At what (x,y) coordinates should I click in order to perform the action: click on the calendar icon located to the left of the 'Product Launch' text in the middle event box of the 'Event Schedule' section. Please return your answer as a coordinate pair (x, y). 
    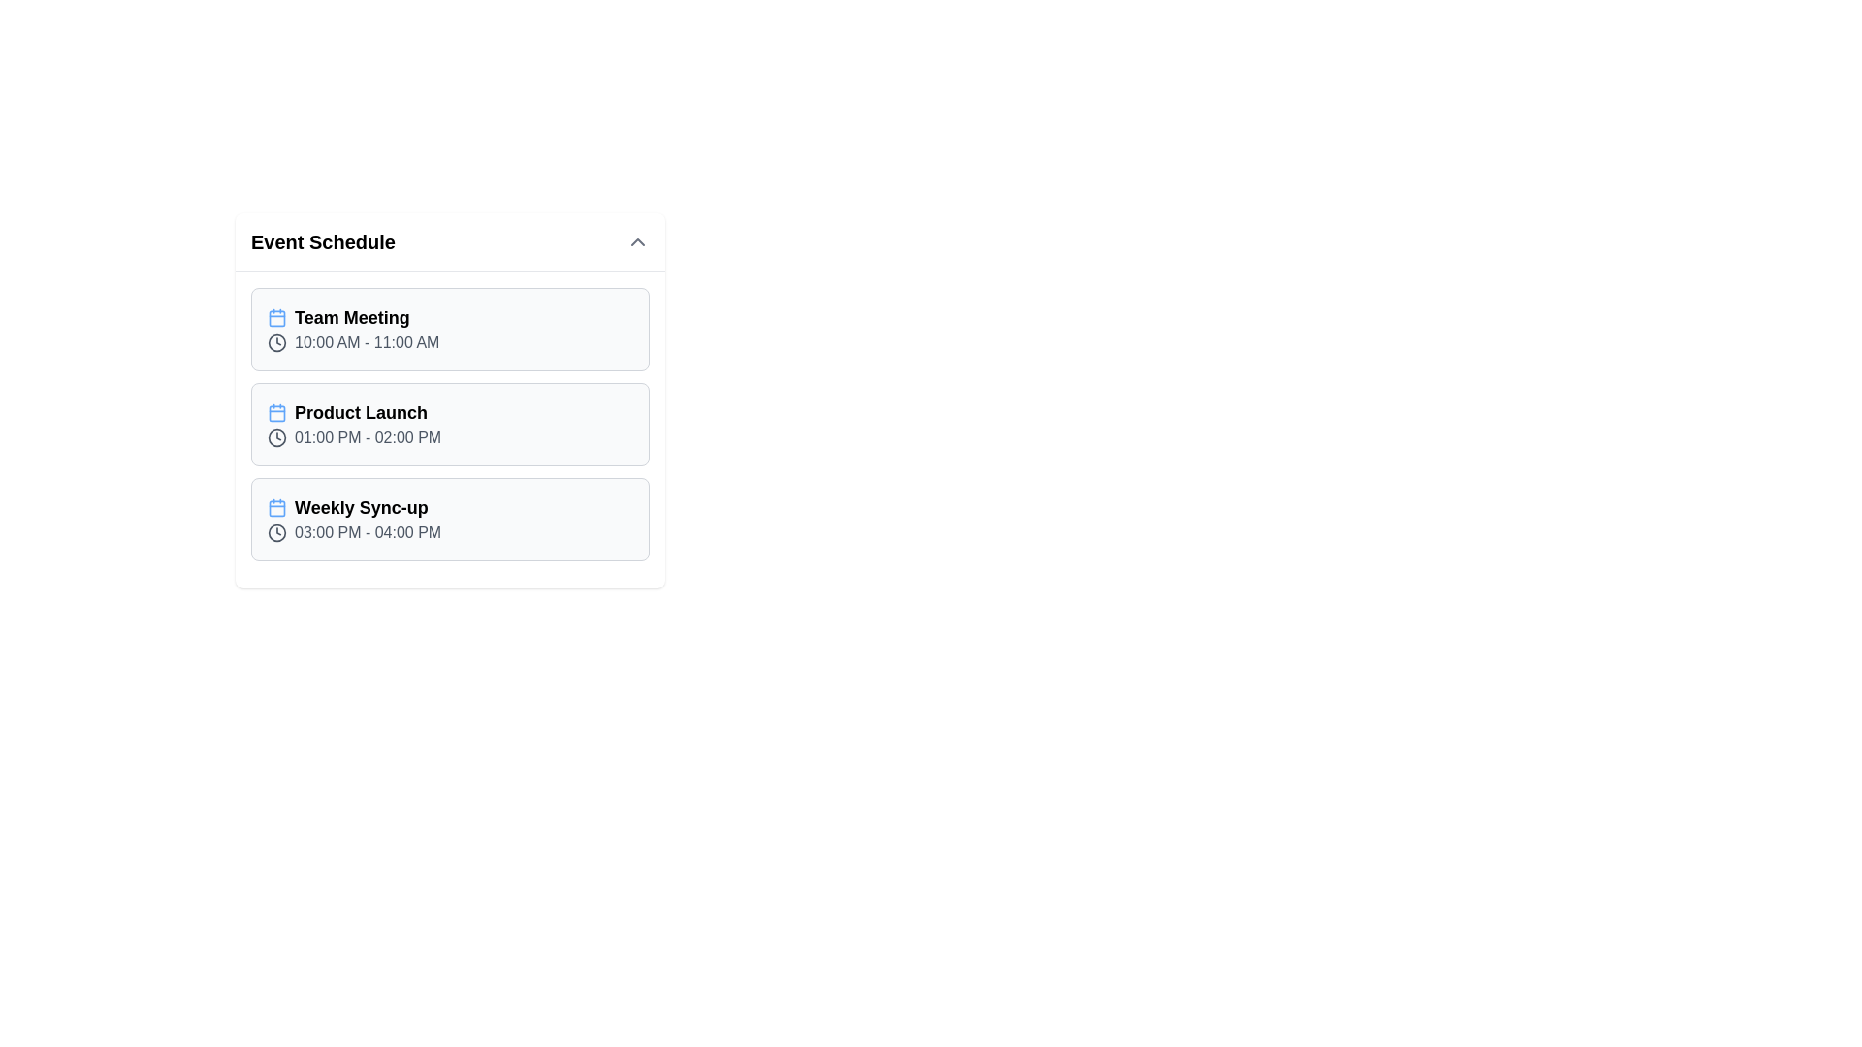
    Looking at the image, I should click on (276, 411).